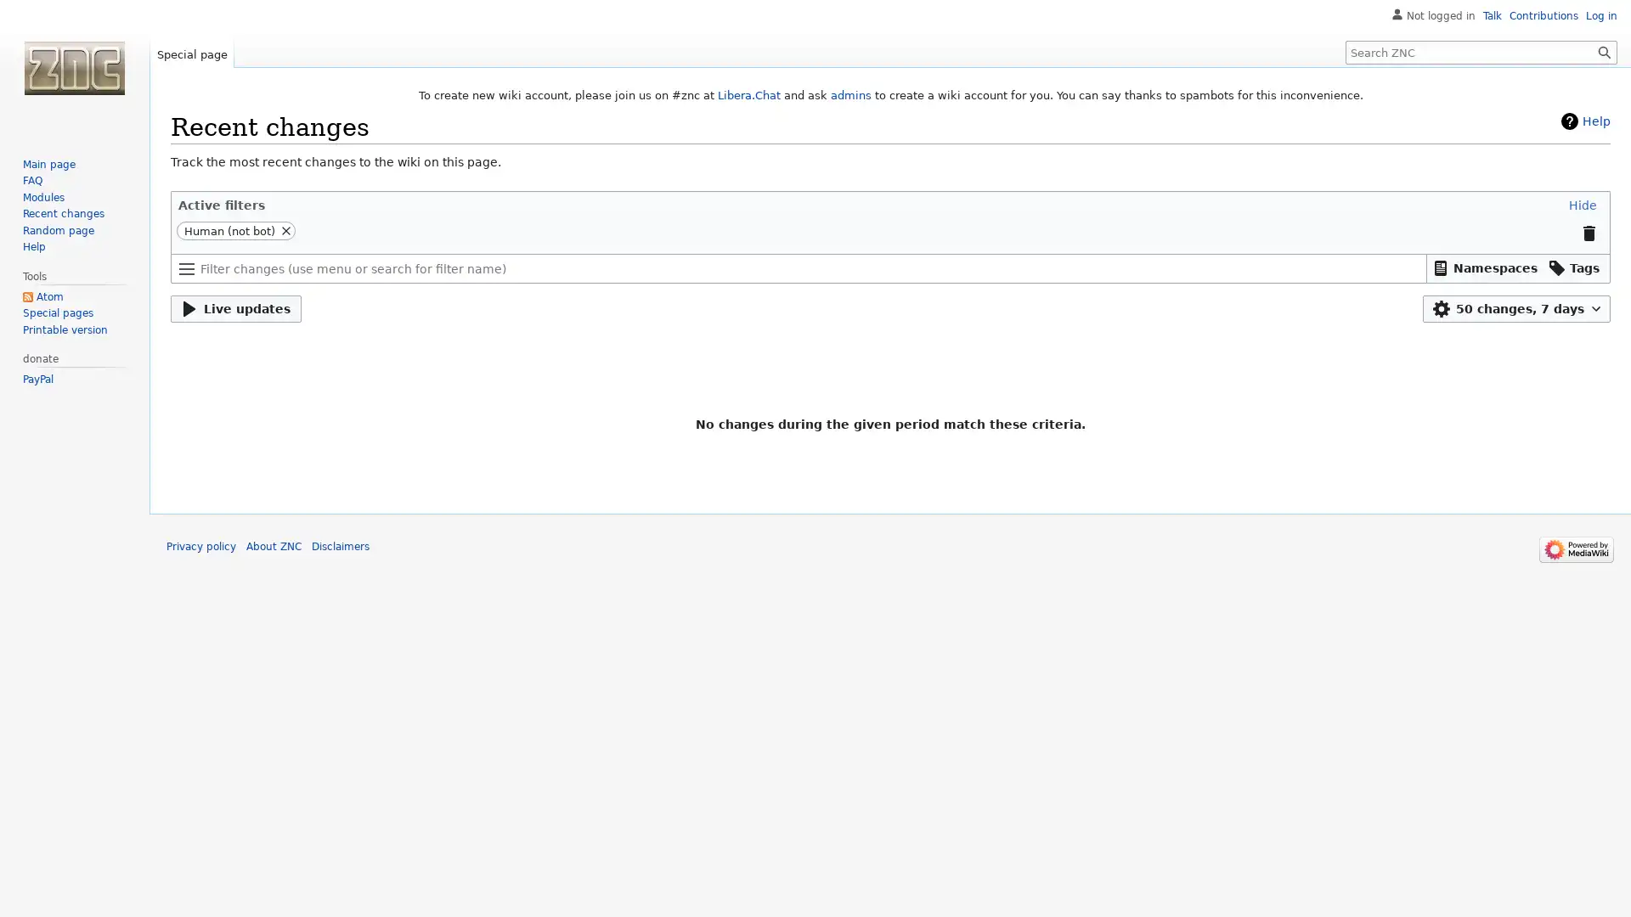 This screenshot has height=917, width=1631. I want to click on Hide, so click(1581, 203).